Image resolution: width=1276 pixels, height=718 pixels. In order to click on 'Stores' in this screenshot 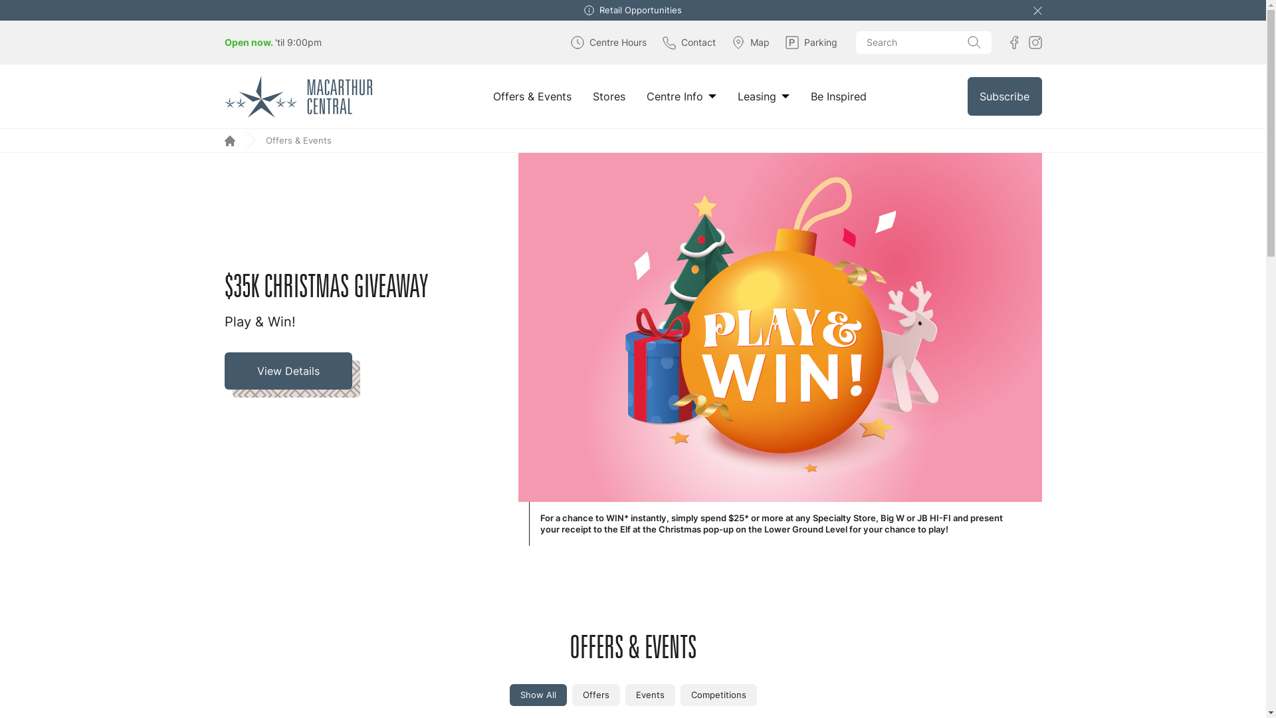, I will do `click(608, 96)`.